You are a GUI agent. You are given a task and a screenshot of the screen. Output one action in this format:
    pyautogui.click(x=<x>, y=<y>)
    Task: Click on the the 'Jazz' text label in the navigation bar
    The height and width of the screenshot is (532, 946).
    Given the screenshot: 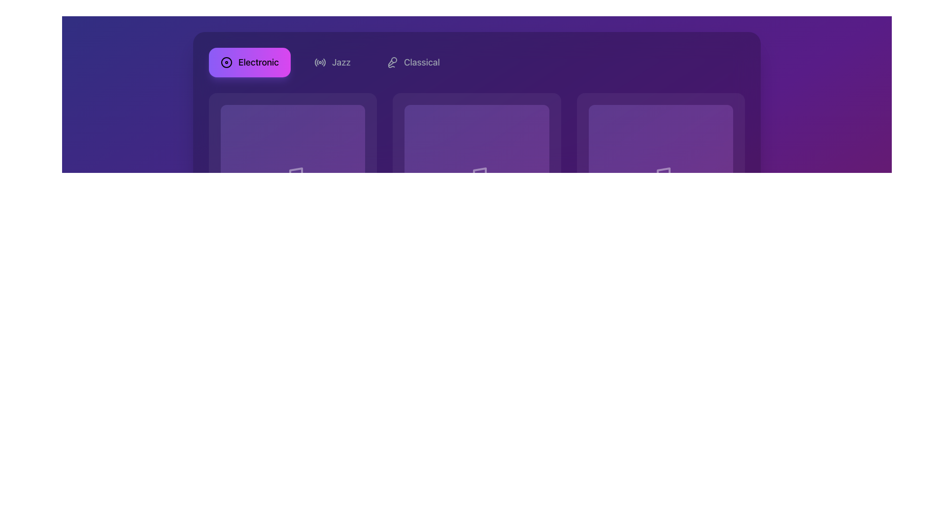 What is the action you would take?
    pyautogui.click(x=341, y=63)
    